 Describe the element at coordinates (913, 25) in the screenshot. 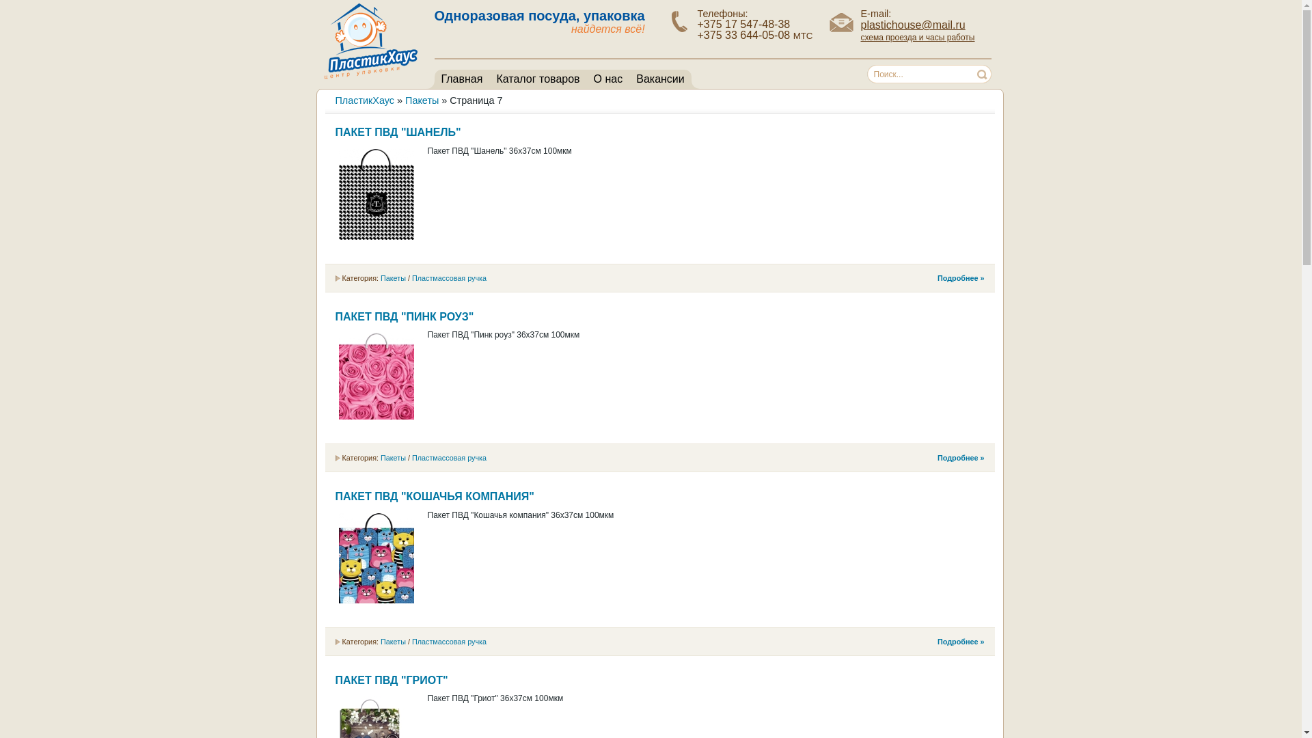

I see `'plastichouse@mail.ru'` at that location.